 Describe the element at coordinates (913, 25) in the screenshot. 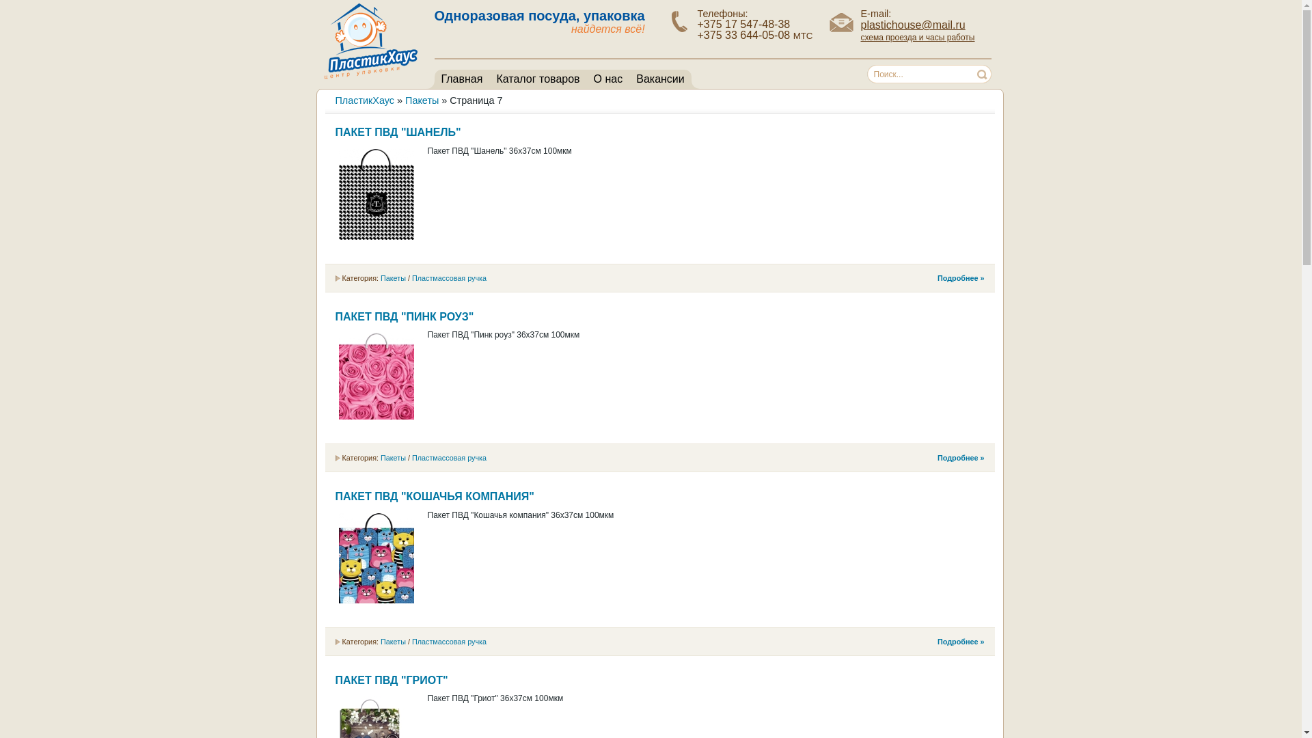

I see `'plastichouse@mail.ru'` at that location.